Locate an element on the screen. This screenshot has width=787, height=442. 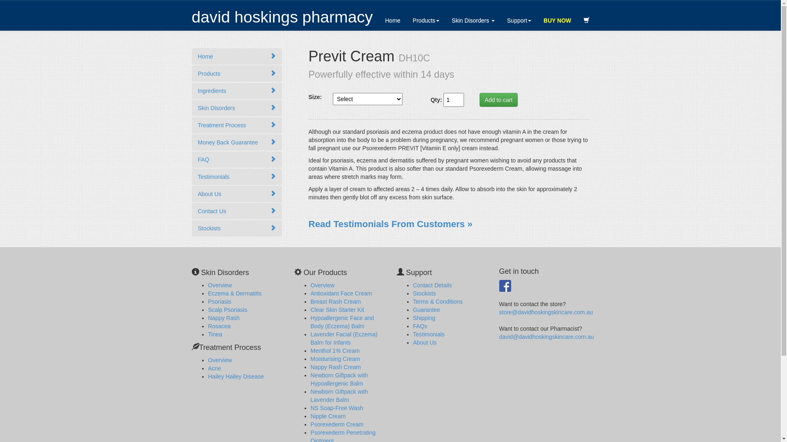
'Psorexederm Cream' is located at coordinates (337, 424).